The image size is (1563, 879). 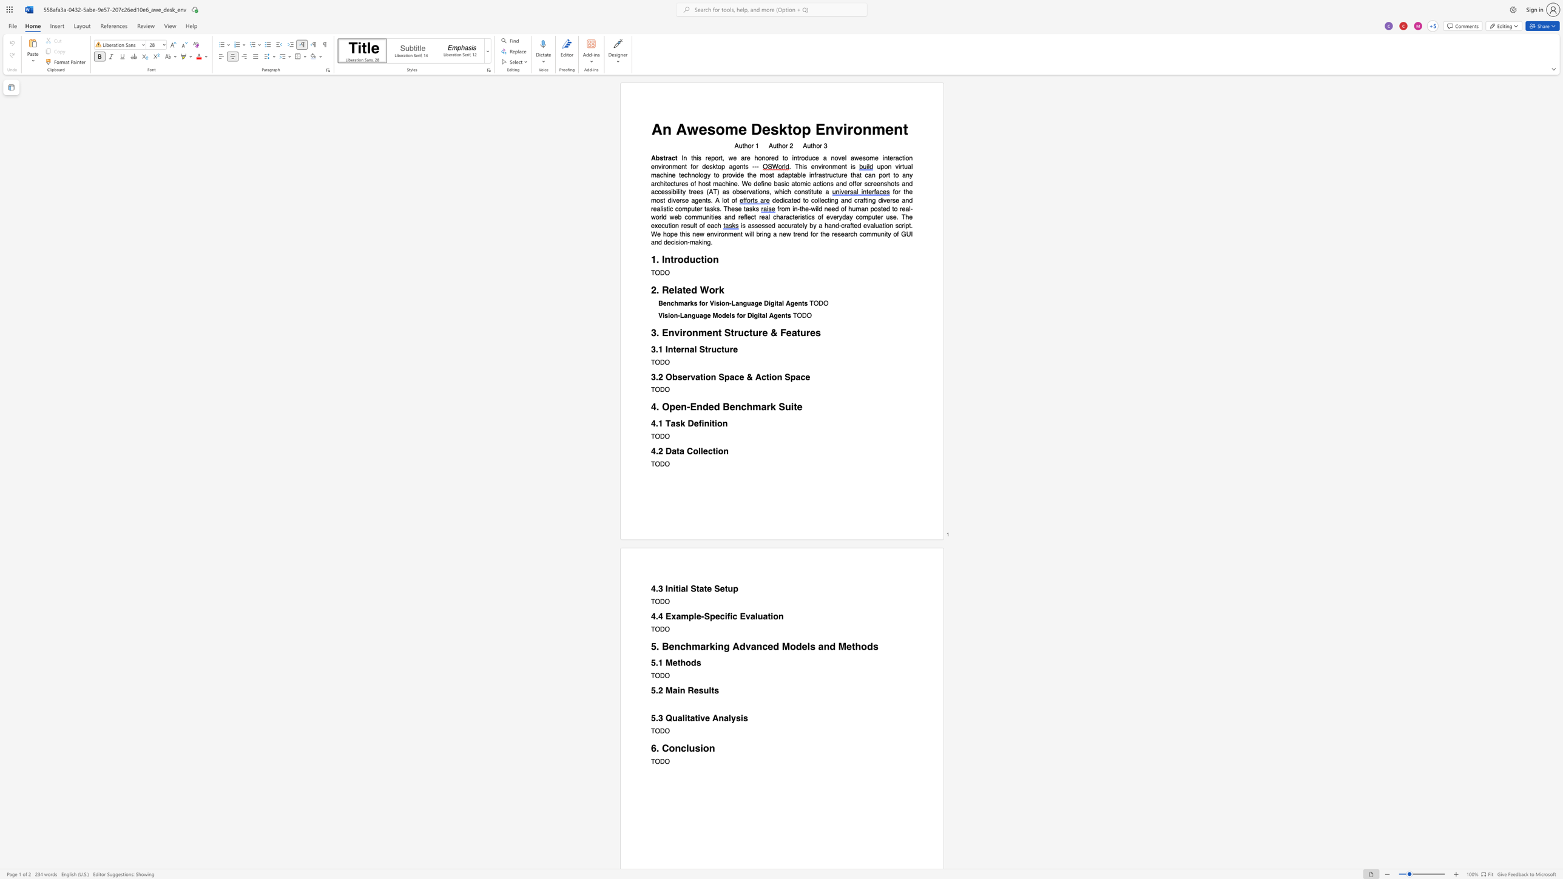 What do you see at coordinates (811, 192) in the screenshot?
I see `the subset text "tu" within the text "constitute"` at bounding box center [811, 192].